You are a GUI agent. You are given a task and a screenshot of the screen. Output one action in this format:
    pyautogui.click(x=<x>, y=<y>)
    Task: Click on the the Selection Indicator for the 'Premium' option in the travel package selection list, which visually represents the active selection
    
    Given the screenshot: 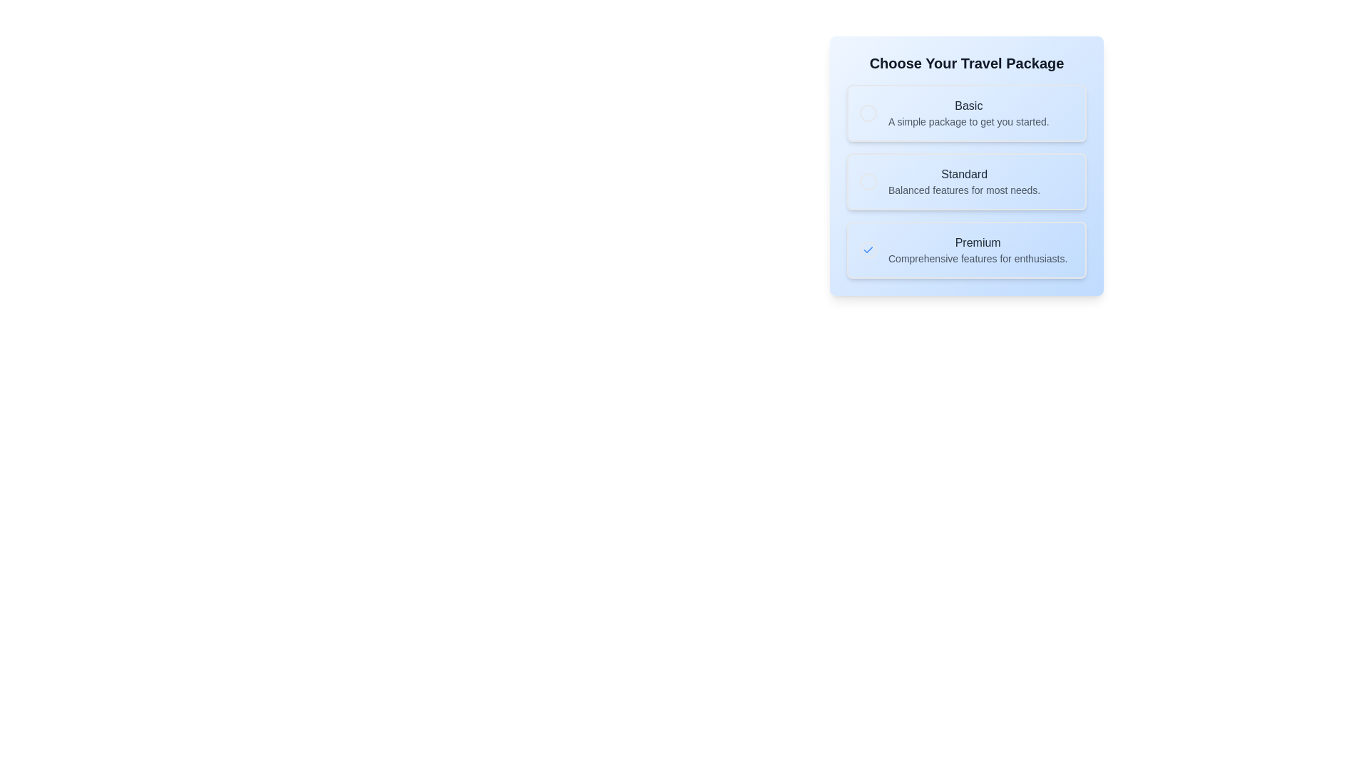 What is the action you would take?
    pyautogui.click(x=868, y=250)
    